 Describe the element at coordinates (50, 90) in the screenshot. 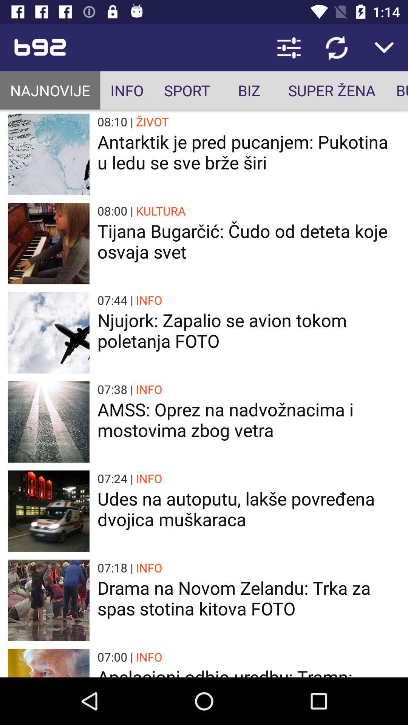

I see `item next to info item` at that location.